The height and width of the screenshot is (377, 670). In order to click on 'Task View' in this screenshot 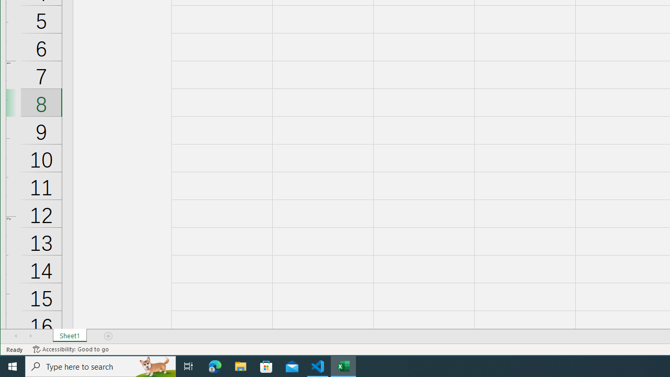, I will do `click(188, 365)`.